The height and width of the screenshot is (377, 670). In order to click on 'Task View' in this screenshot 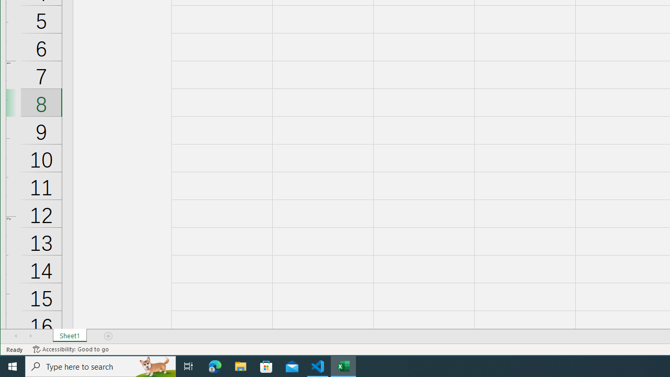, I will do `click(188, 365)`.